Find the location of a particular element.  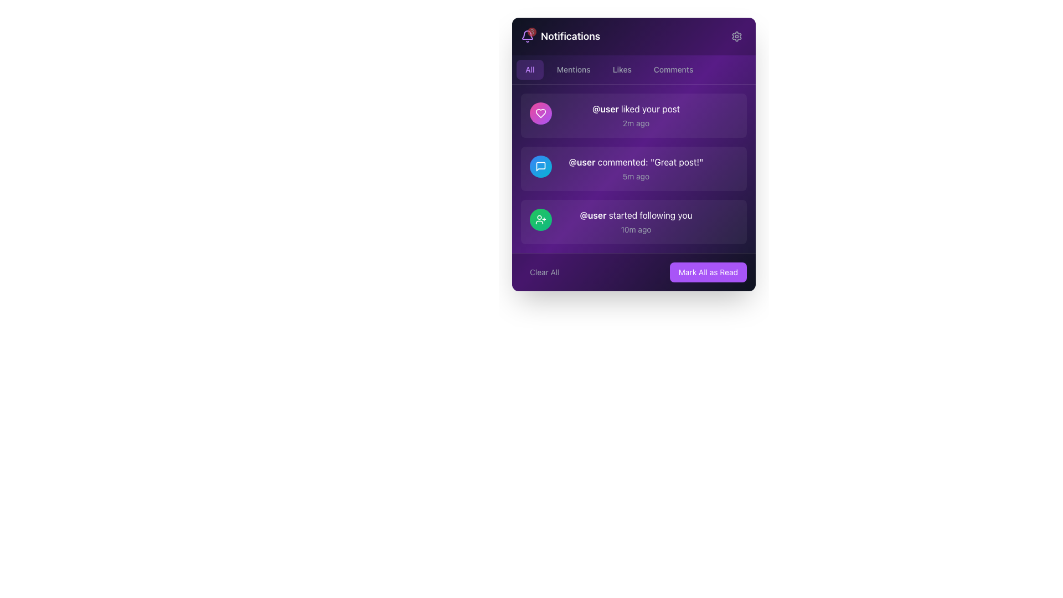

the small close button icon represented by an 'X' located at the top-right corner of the notification entry that corresponds to '@user commented: 'Great post!'.' is located at coordinates (729, 164).